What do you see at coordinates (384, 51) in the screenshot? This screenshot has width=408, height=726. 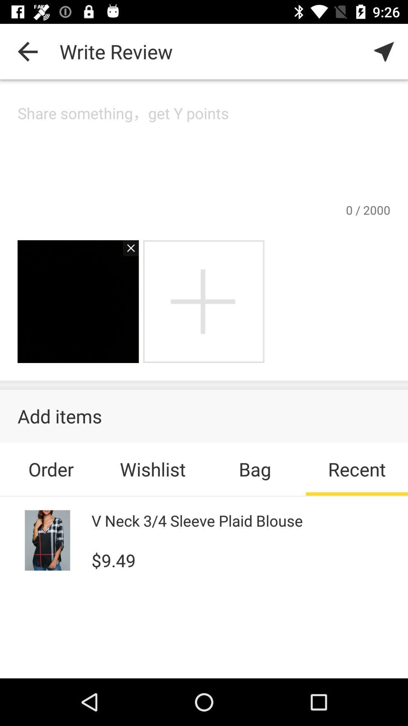 I see `app next to the write review` at bounding box center [384, 51].